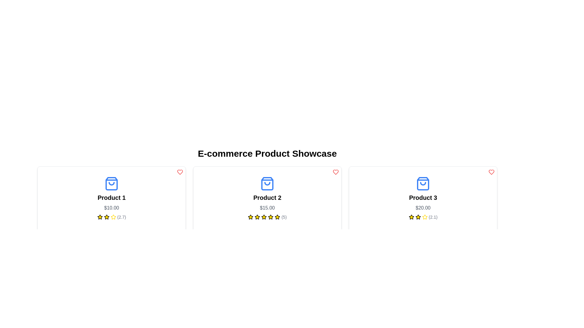 The height and width of the screenshot is (328, 584). What do you see at coordinates (267, 198) in the screenshot?
I see `product details displayed in the Informational display group, which includes the product name 'Product 2', price '$15.00', and rating with reviews` at bounding box center [267, 198].